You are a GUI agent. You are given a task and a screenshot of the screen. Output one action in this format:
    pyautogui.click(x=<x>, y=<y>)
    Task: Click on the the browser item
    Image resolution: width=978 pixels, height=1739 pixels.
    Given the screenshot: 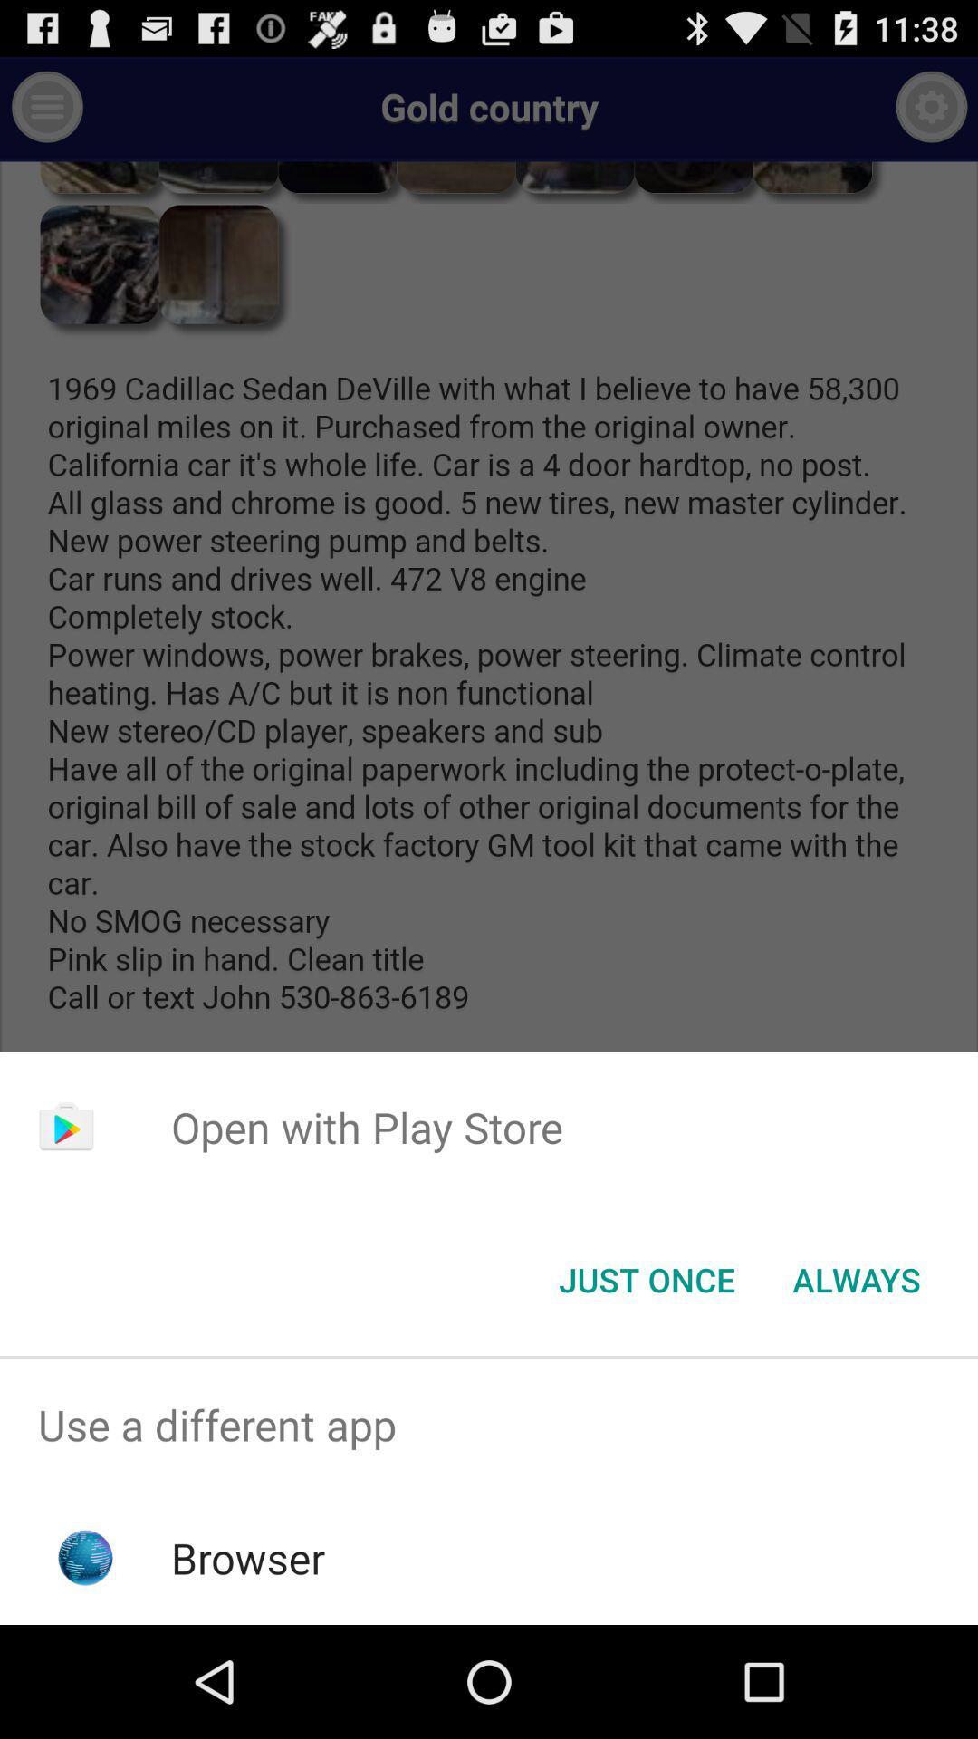 What is the action you would take?
    pyautogui.click(x=248, y=1557)
    